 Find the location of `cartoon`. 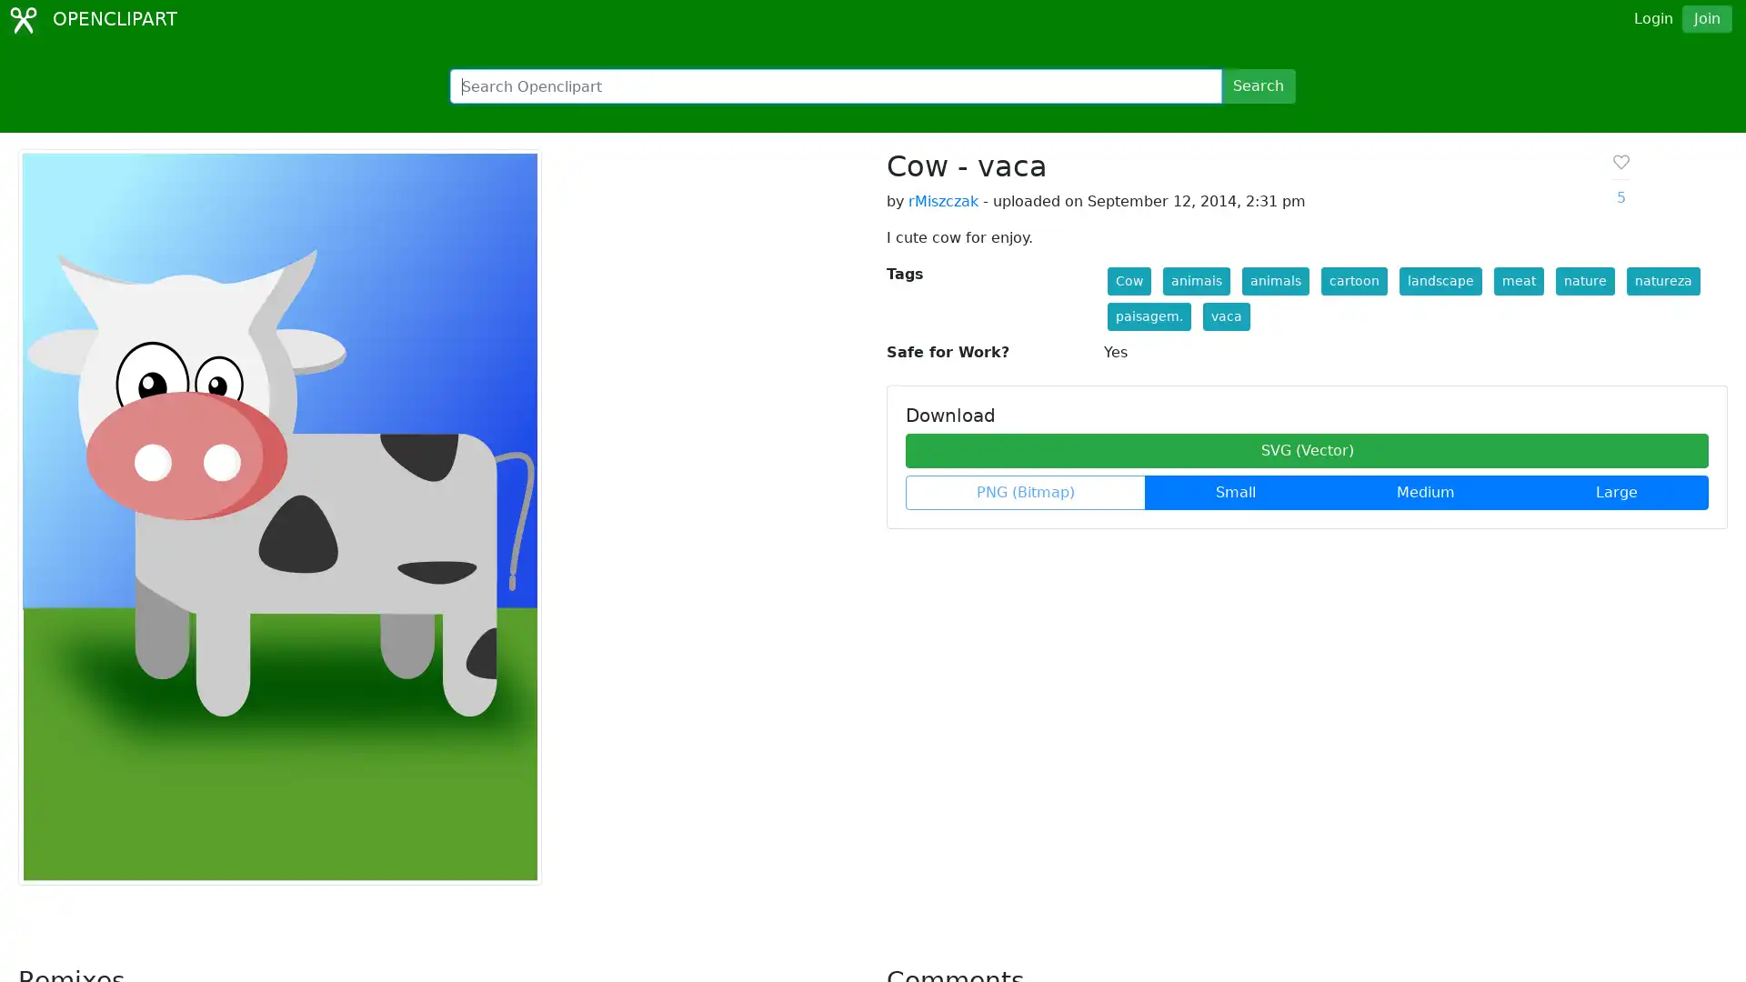

cartoon is located at coordinates (1353, 281).